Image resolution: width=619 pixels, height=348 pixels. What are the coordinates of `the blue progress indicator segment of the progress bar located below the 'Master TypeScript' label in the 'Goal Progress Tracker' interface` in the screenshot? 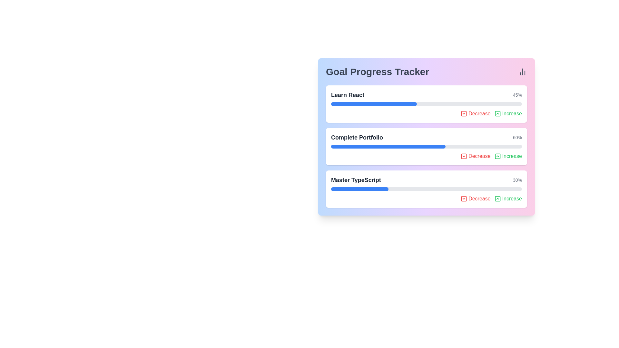 It's located at (359, 188).